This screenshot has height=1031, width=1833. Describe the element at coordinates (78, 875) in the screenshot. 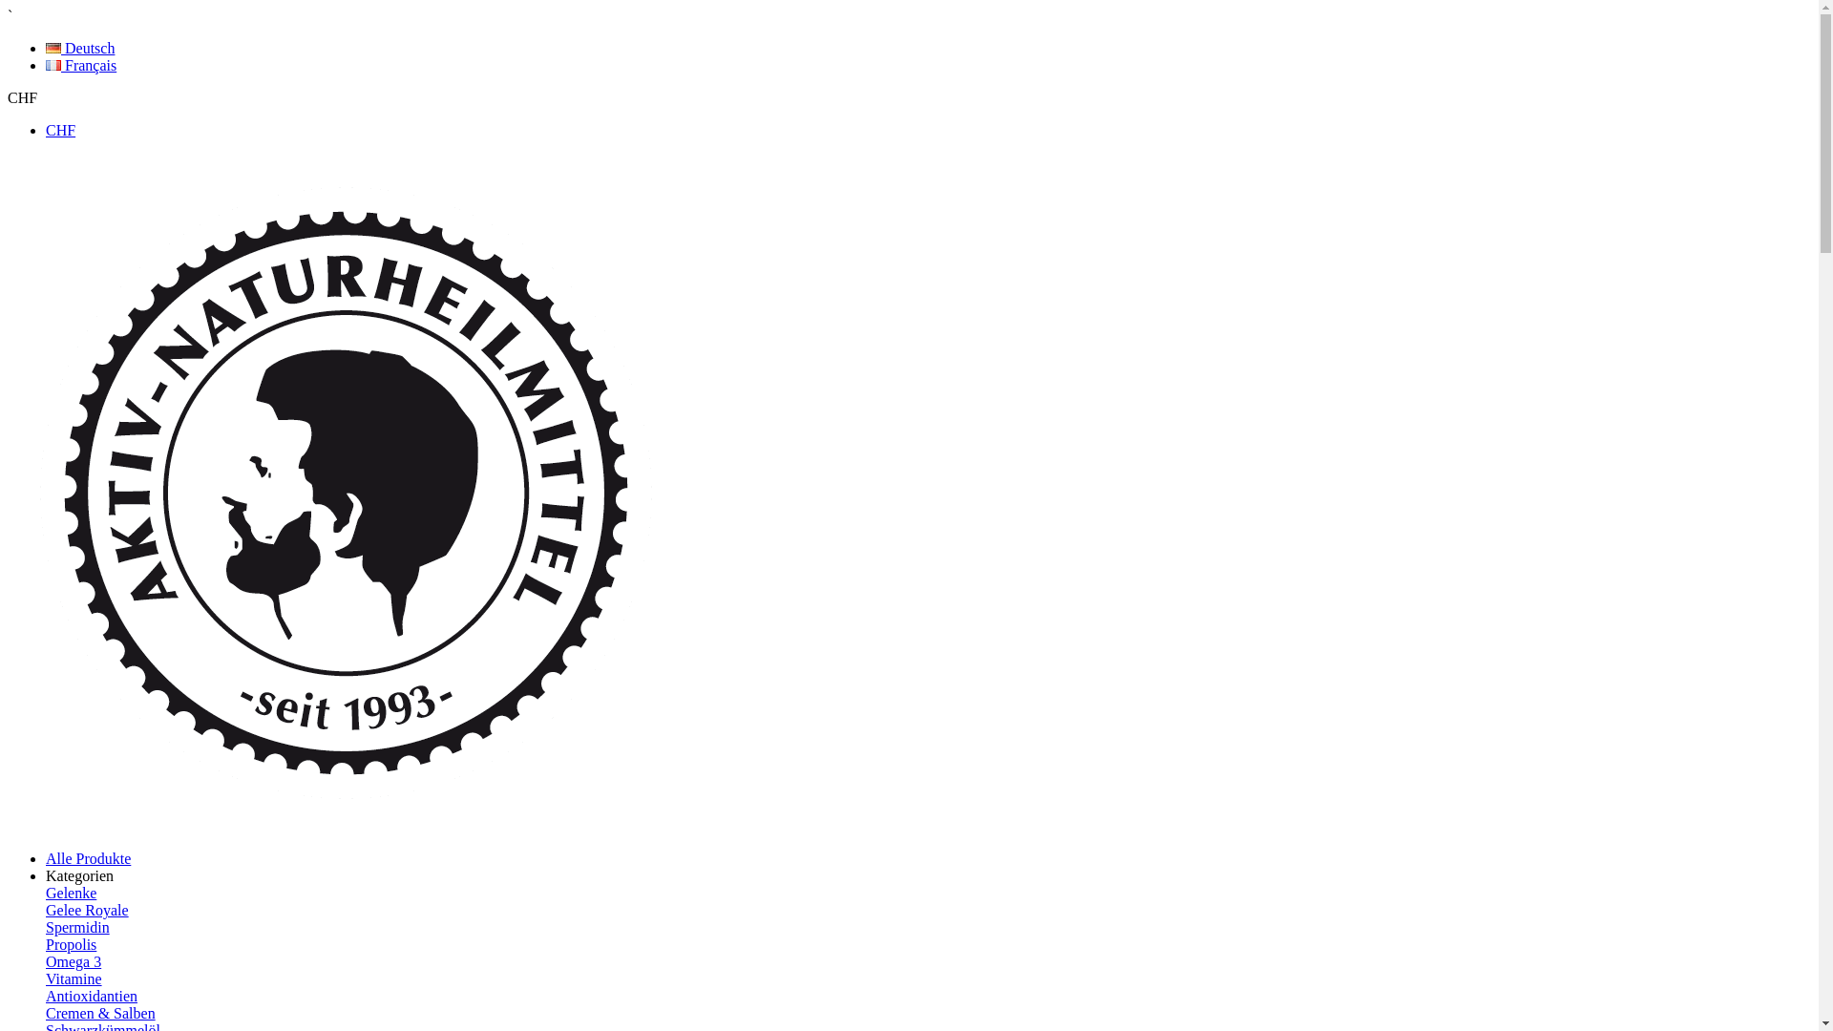

I see `'Kategorien'` at that location.